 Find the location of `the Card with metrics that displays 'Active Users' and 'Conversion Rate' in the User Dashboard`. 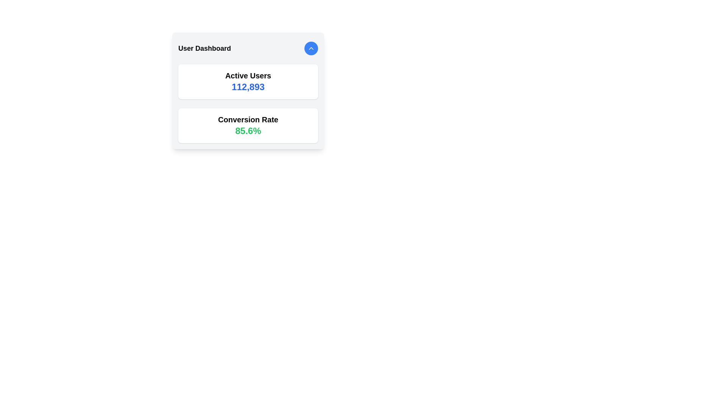

the Card with metrics that displays 'Active Users' and 'Conversion Rate' in the User Dashboard is located at coordinates (248, 103).